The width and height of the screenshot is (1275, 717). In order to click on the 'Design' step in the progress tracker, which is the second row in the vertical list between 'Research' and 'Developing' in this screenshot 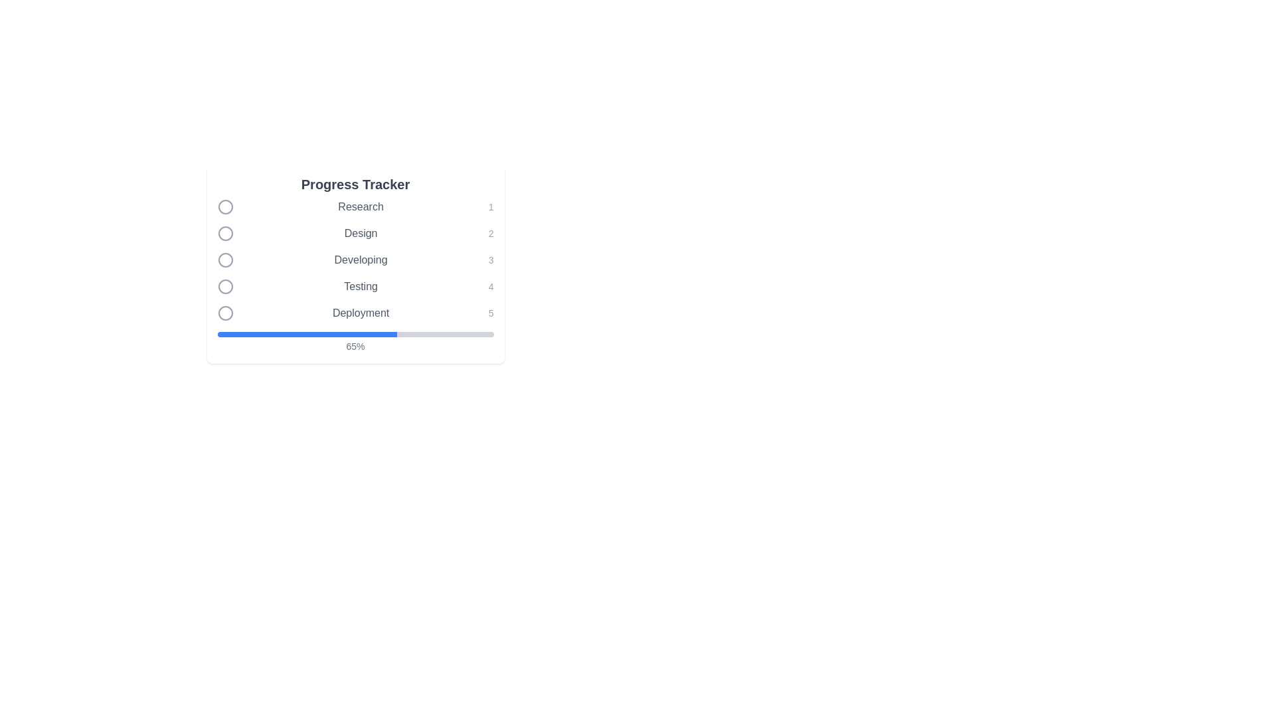, I will do `click(355, 232)`.